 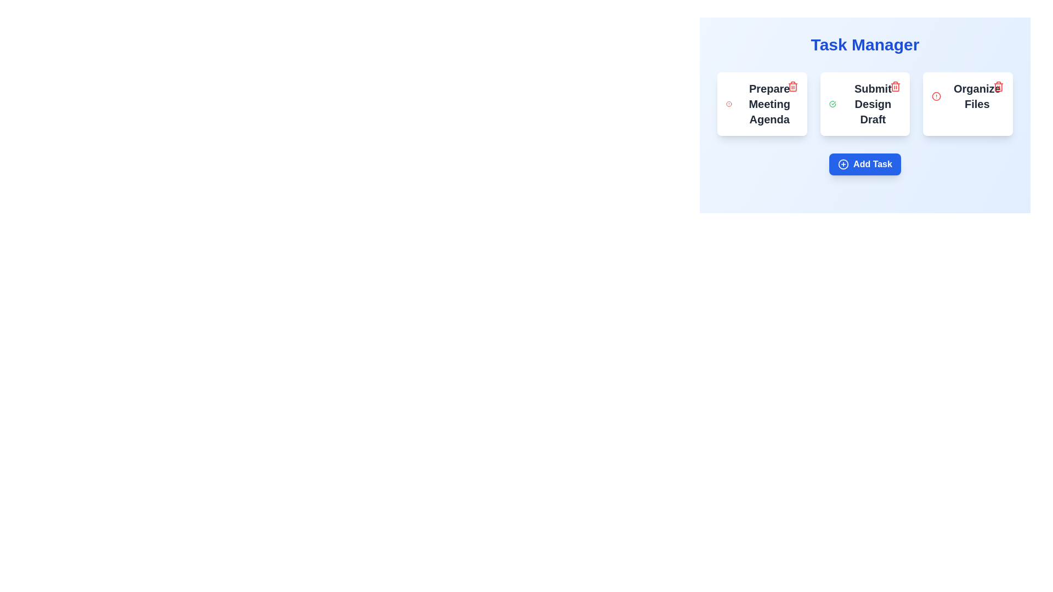 I want to click on the trashcan icon located at the top-right corner of the 'Organize Files' card, so click(x=998, y=86).